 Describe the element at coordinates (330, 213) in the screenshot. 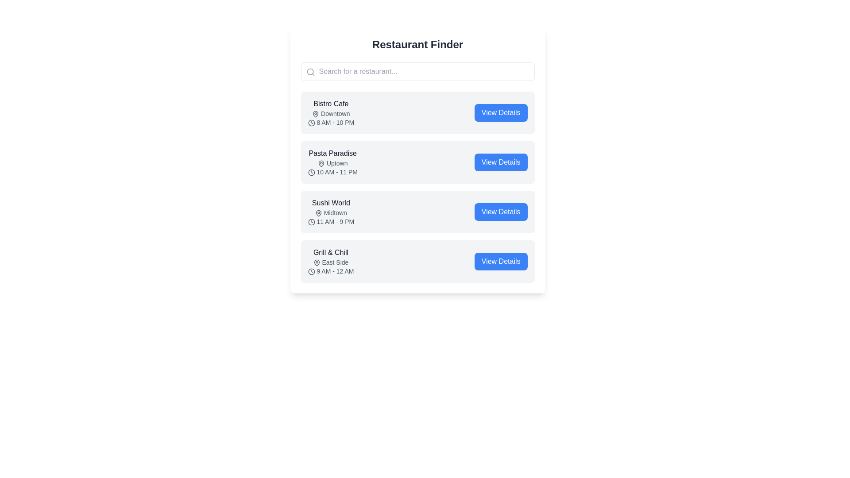

I see `location information text for 'Sushi World', which is the second line in the information panel and is located below the restaurant's name and above its operating hours, adjacent to the pin icon` at that location.